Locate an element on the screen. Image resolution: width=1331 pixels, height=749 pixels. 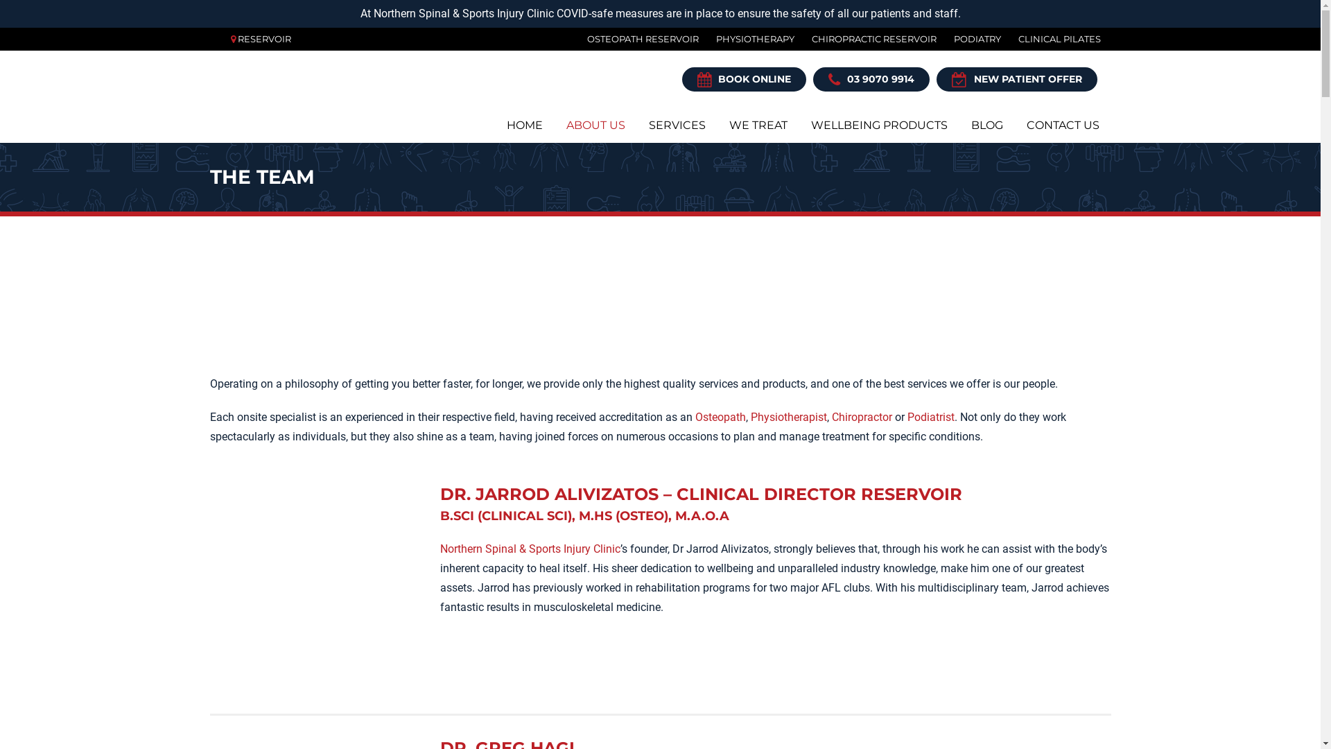
'Podiatrist' is located at coordinates (930, 416).